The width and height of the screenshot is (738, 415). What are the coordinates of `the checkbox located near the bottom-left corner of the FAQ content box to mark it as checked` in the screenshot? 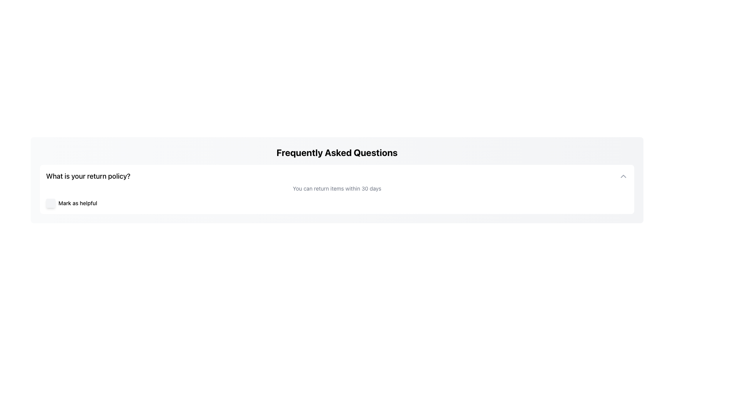 It's located at (50, 203).